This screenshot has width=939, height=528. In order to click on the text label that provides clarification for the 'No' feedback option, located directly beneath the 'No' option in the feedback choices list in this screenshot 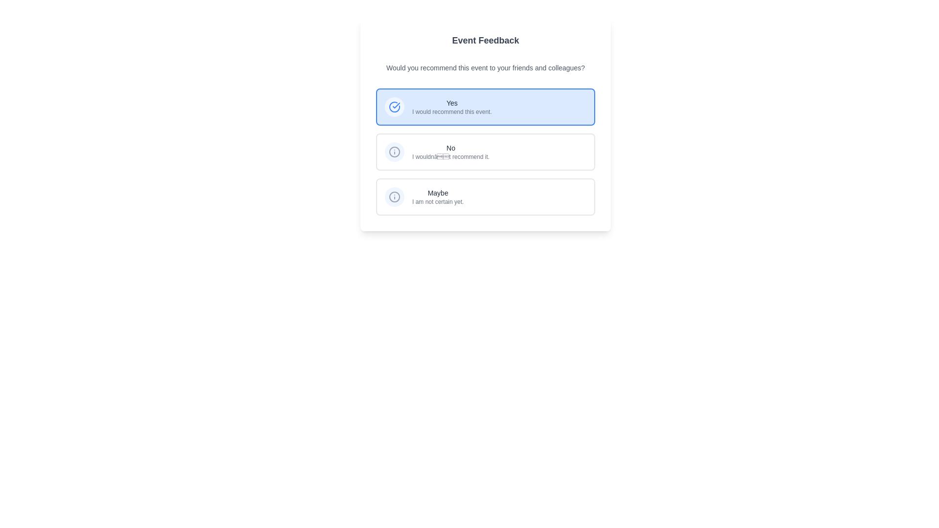, I will do `click(450, 156)`.